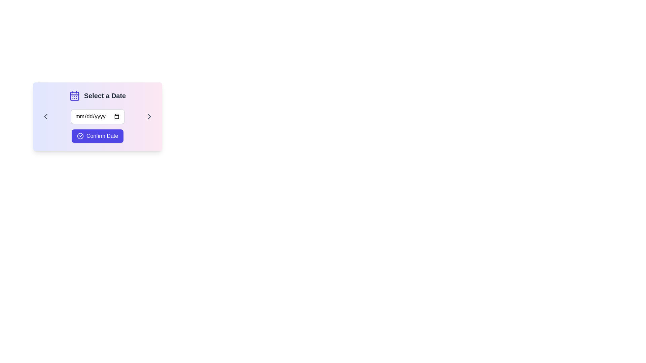 This screenshot has width=646, height=363. I want to click on the right-pointing chevron icon next to the date input box labeled 'mm/dd/yyyy', so click(149, 116).